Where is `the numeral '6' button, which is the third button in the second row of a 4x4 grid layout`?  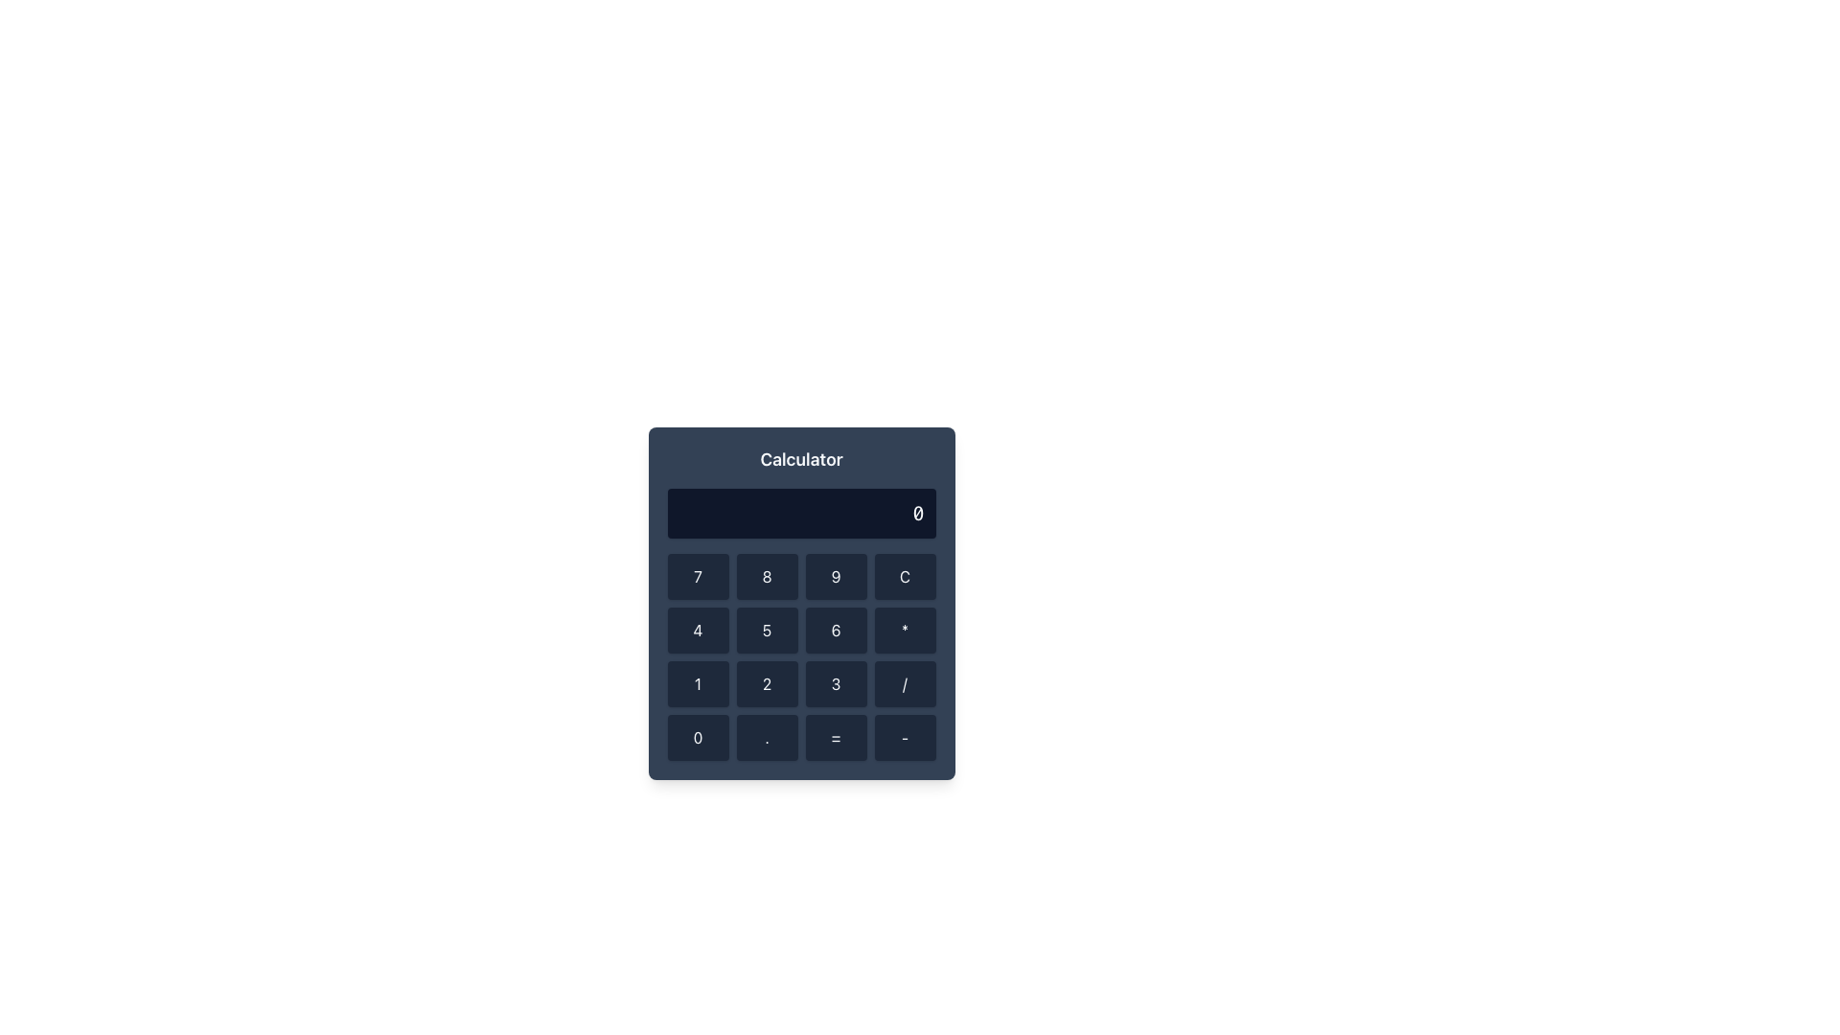 the numeral '6' button, which is the third button in the second row of a 4x4 grid layout is located at coordinates (836, 631).